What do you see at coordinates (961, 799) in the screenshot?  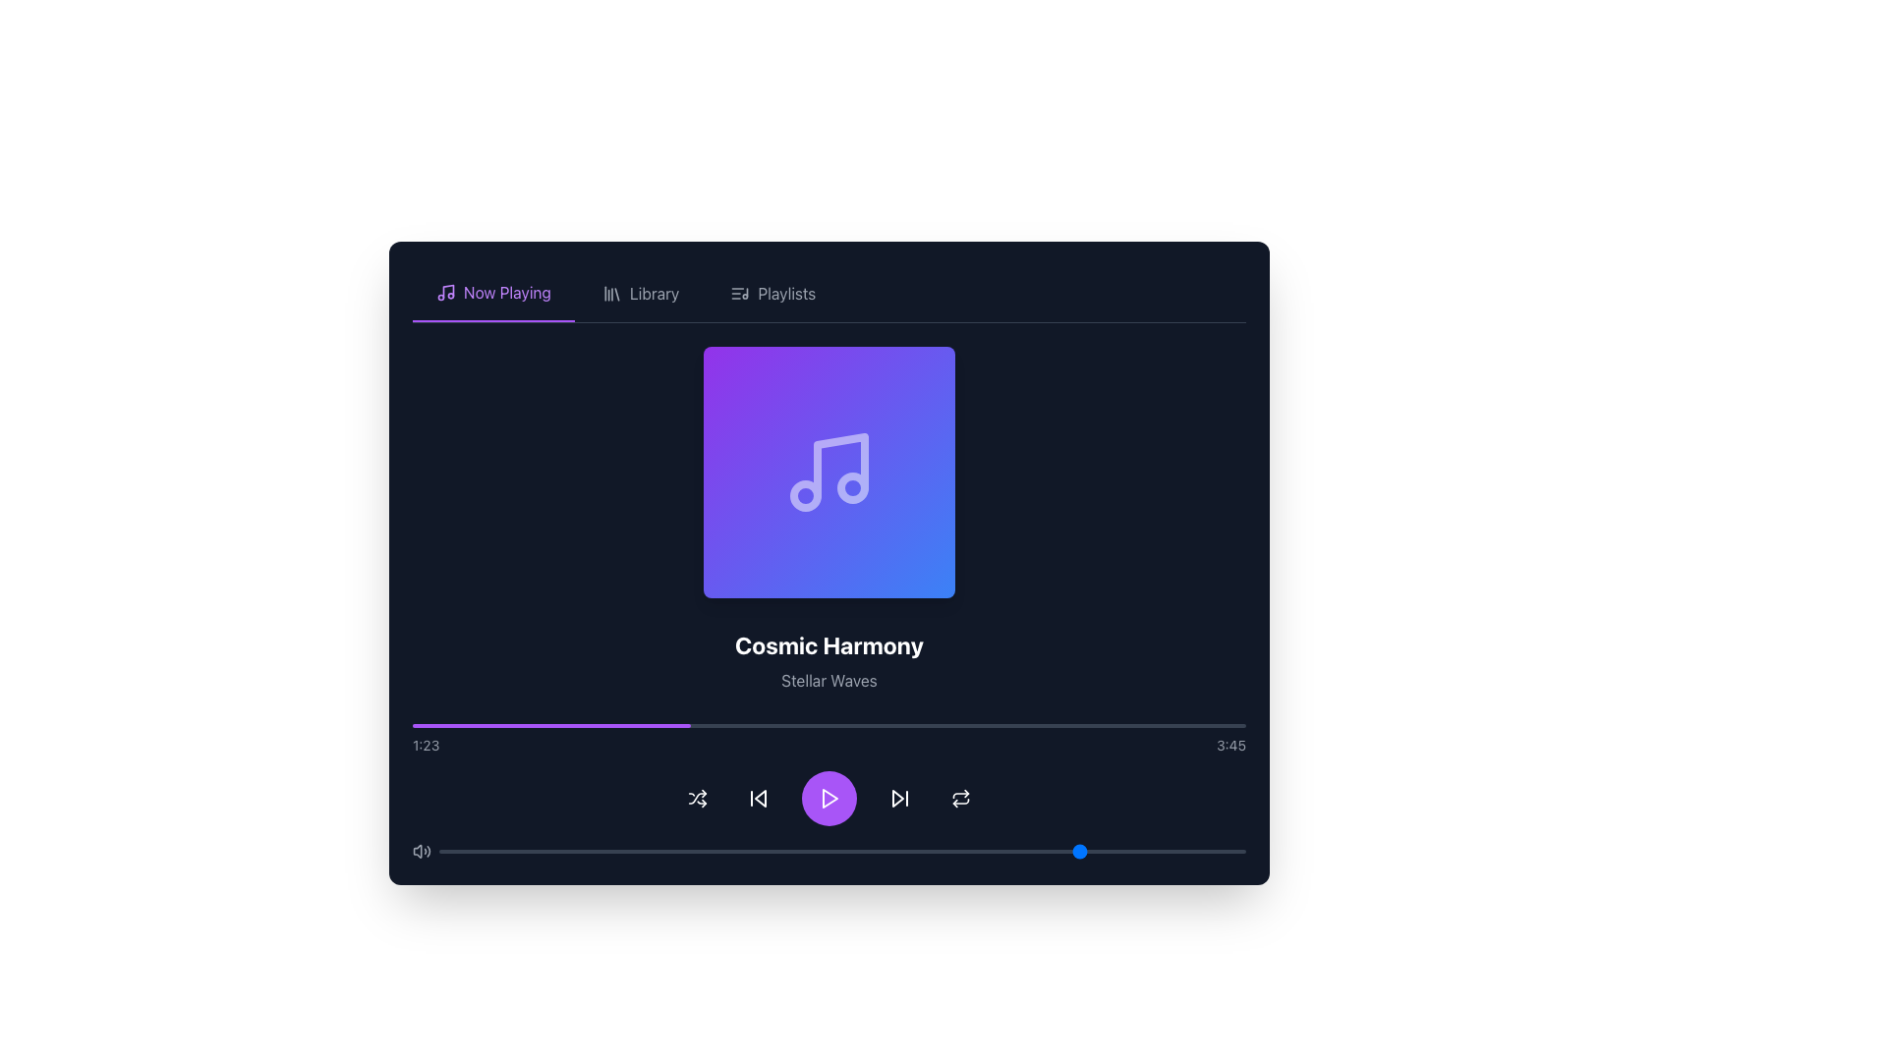 I see `the button located on the rightmost side of the playback controls` at bounding box center [961, 799].